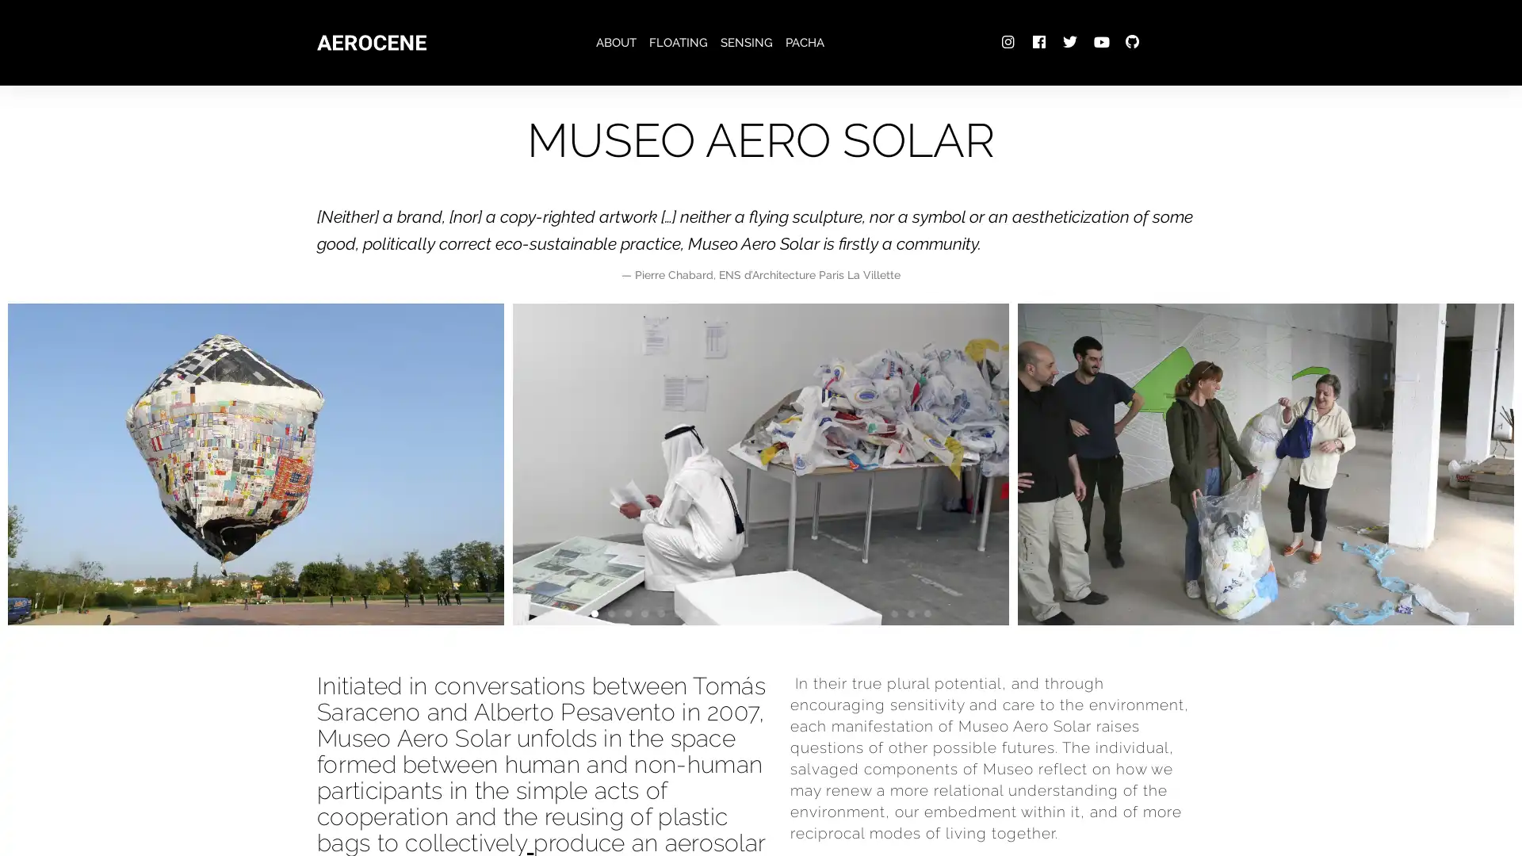 This screenshot has height=856, width=1522. I want to click on Go to slide 1, so click(593, 613).